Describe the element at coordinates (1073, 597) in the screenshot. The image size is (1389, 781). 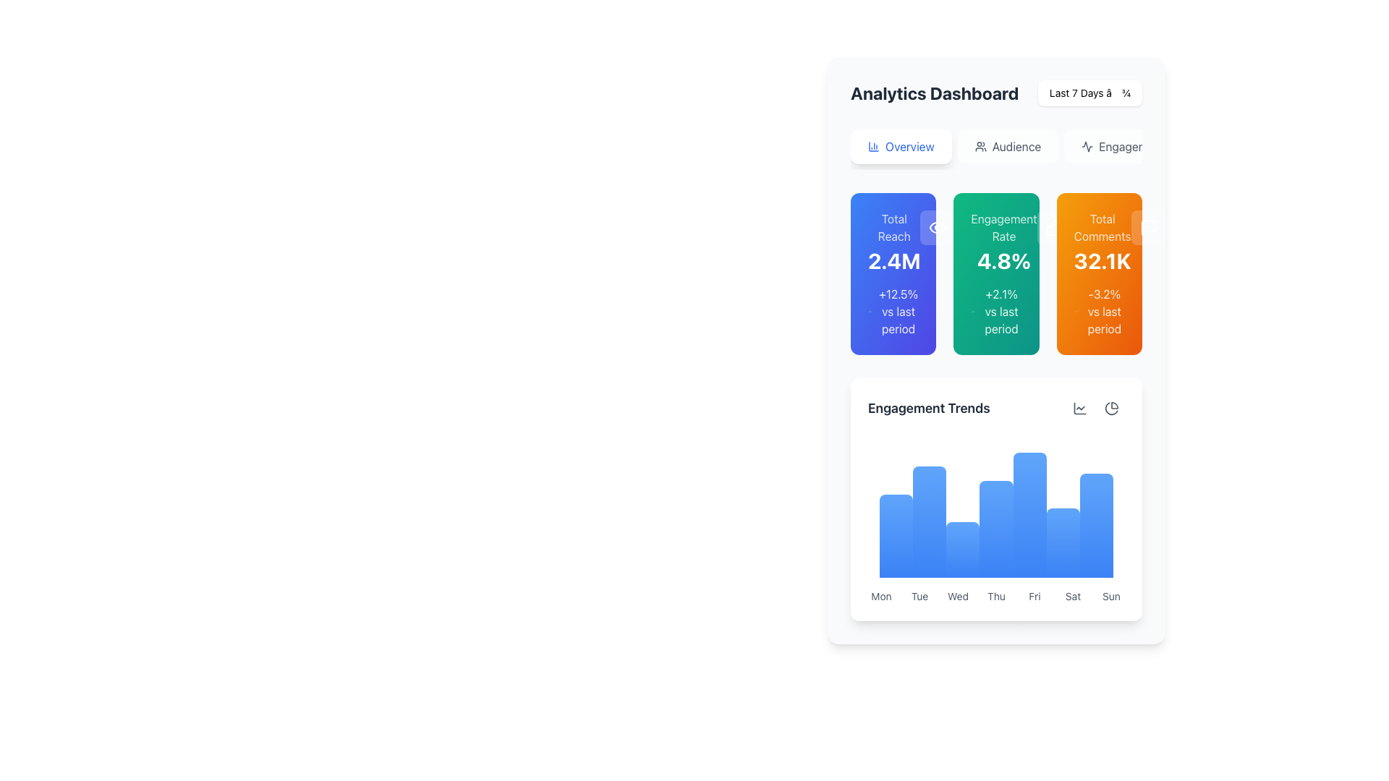
I see `the text label displaying 'Sat', which is located in the lower part of the dashboard layout, between 'Fri' and 'Sun'` at that location.